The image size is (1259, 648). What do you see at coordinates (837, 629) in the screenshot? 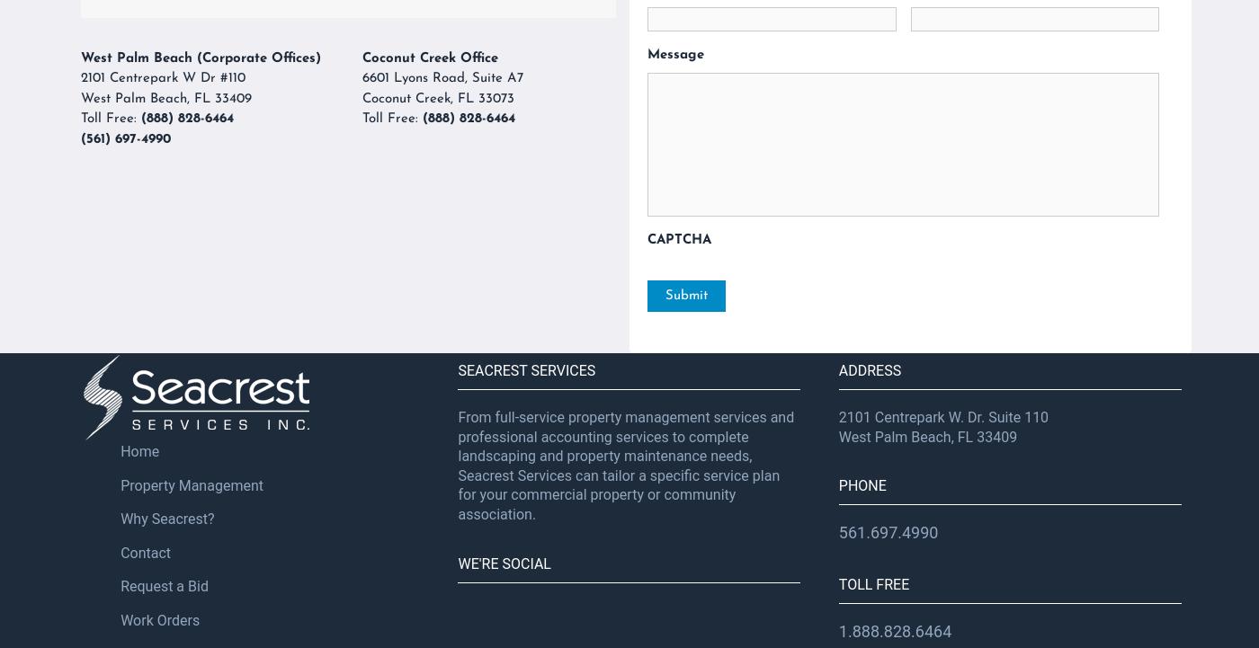
I see `'1.888.828.6464'` at bounding box center [837, 629].